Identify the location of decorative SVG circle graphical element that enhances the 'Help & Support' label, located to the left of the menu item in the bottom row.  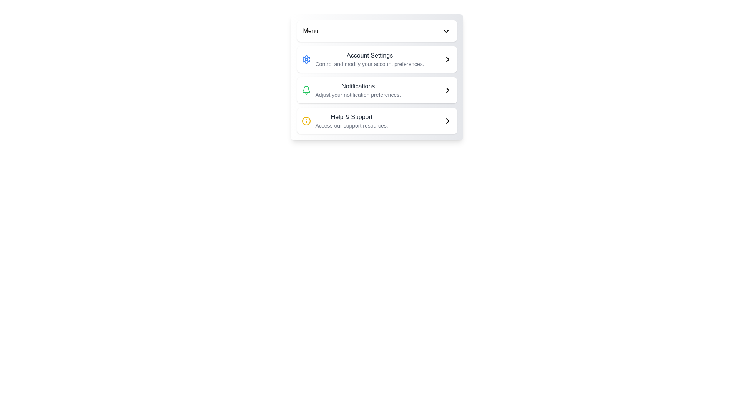
(306, 121).